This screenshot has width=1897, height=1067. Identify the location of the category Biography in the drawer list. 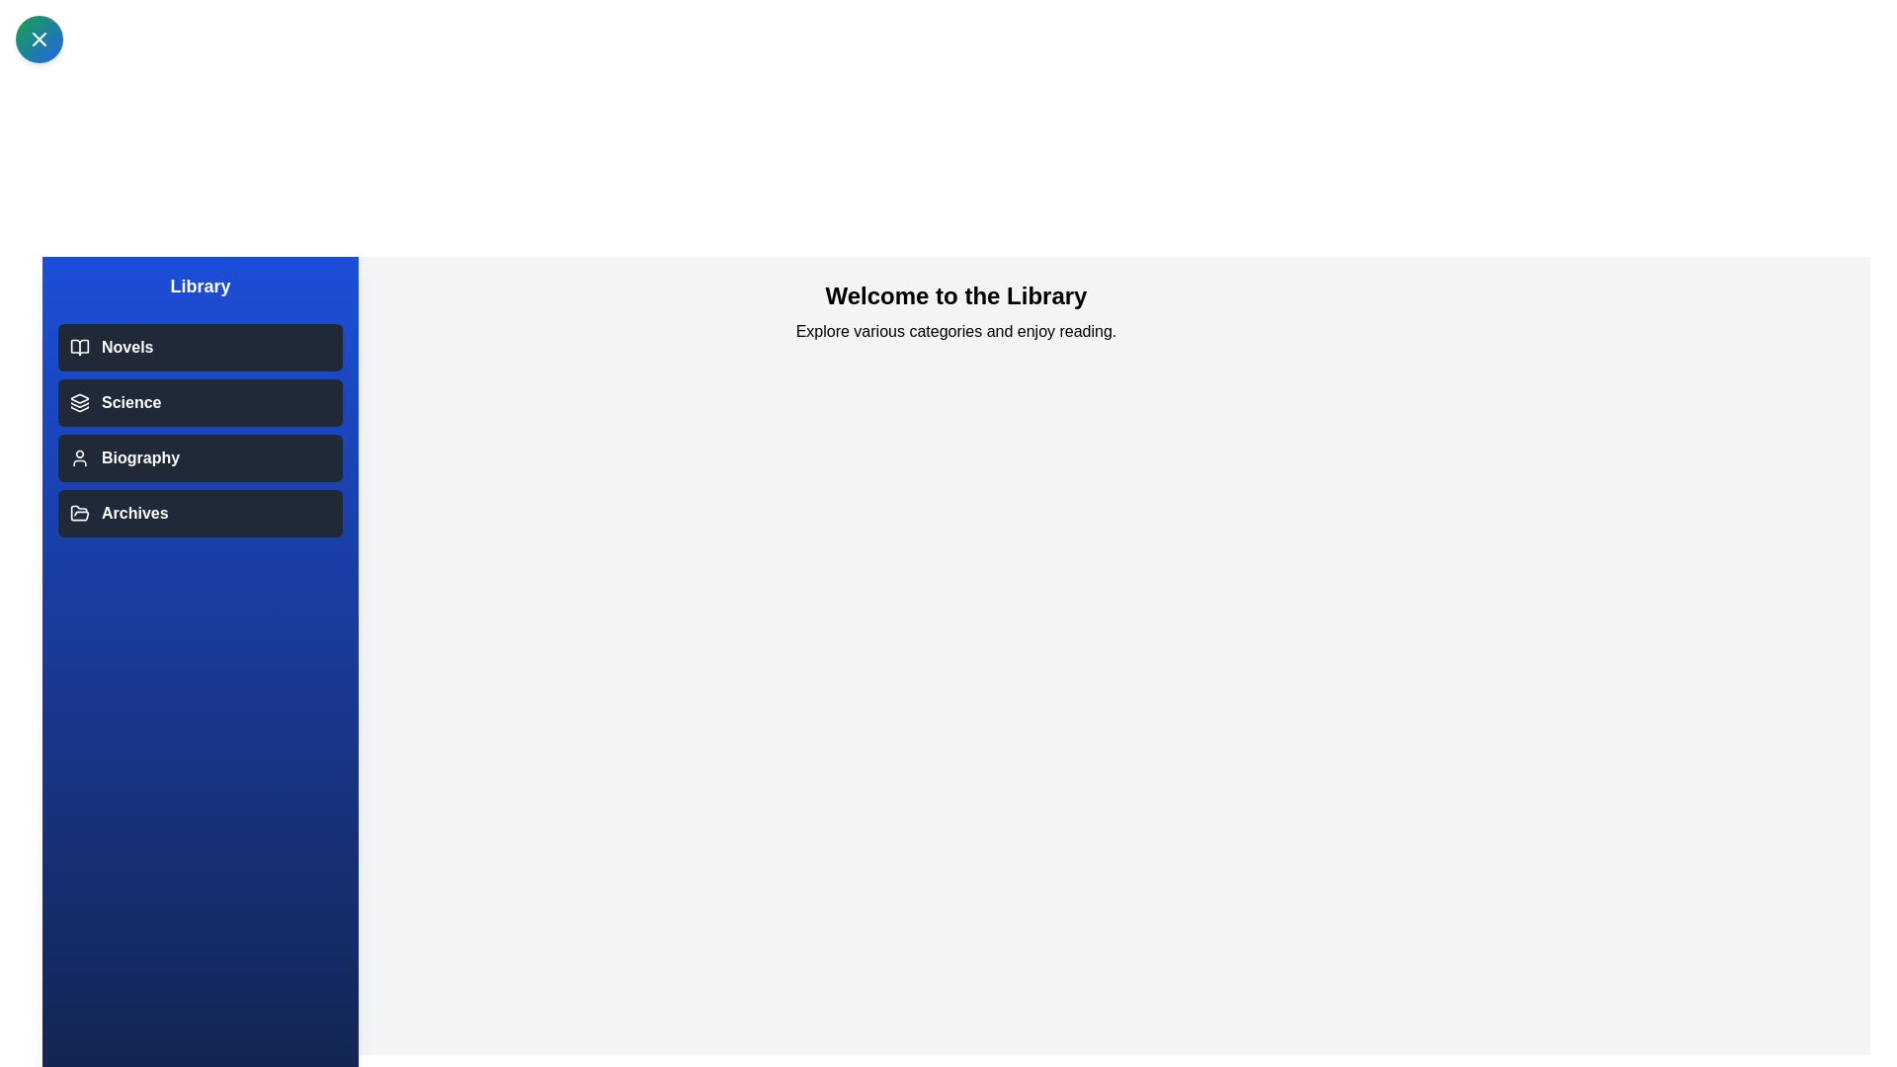
(200, 457).